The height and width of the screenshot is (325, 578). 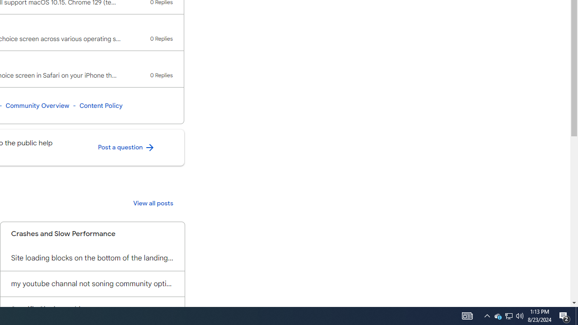 I want to click on 'Community Overview', so click(x=37, y=105).